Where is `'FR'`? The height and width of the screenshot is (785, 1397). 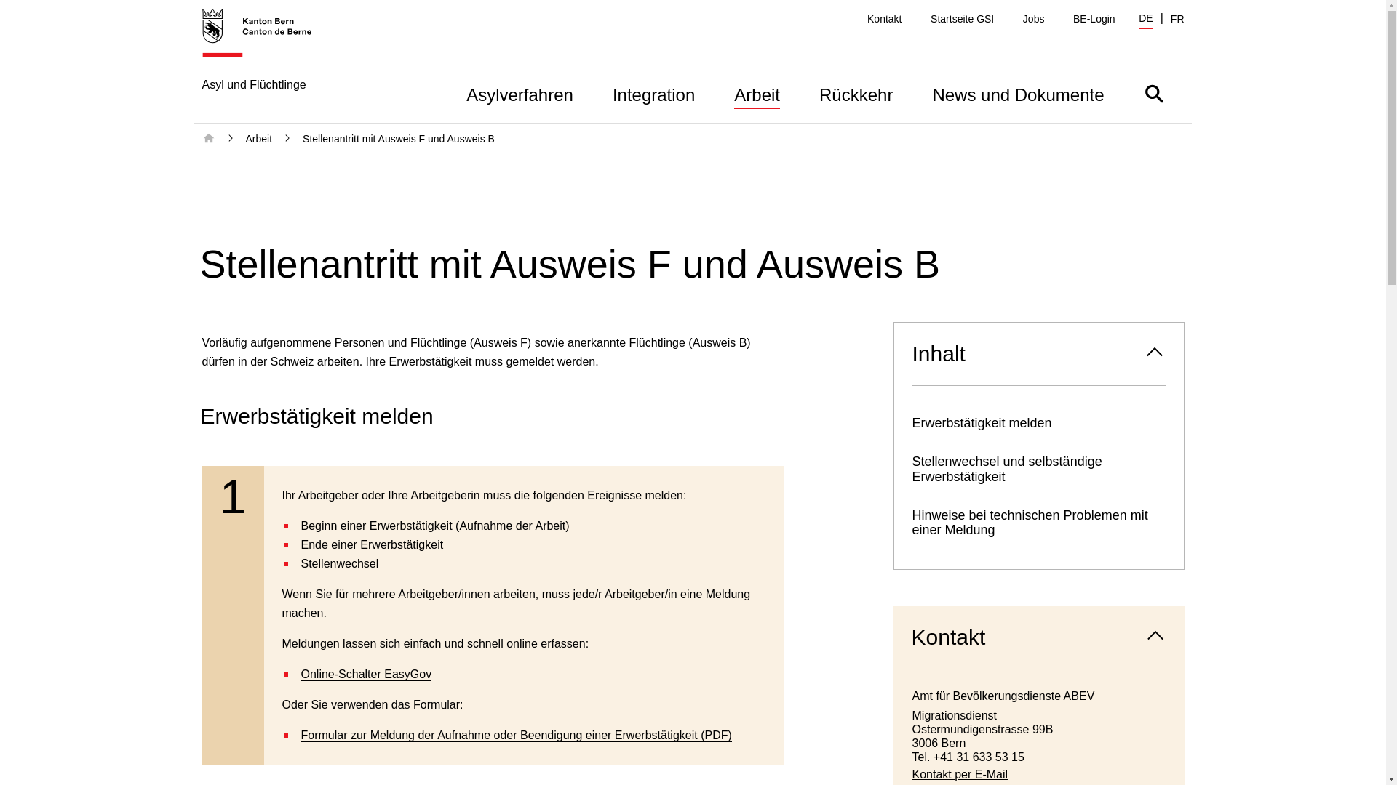 'FR' is located at coordinates (1177, 19).